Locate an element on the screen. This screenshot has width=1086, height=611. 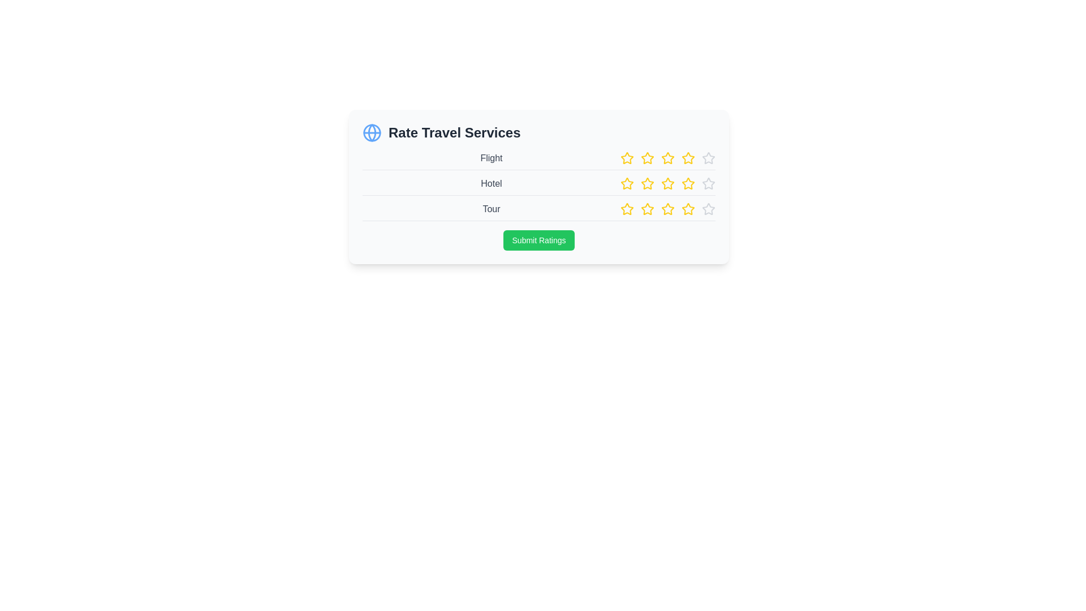
the blue globe icon with a circular outline and intersecting lines, located to the left of the title text 'Rate Travel Services' is located at coordinates (372, 132).